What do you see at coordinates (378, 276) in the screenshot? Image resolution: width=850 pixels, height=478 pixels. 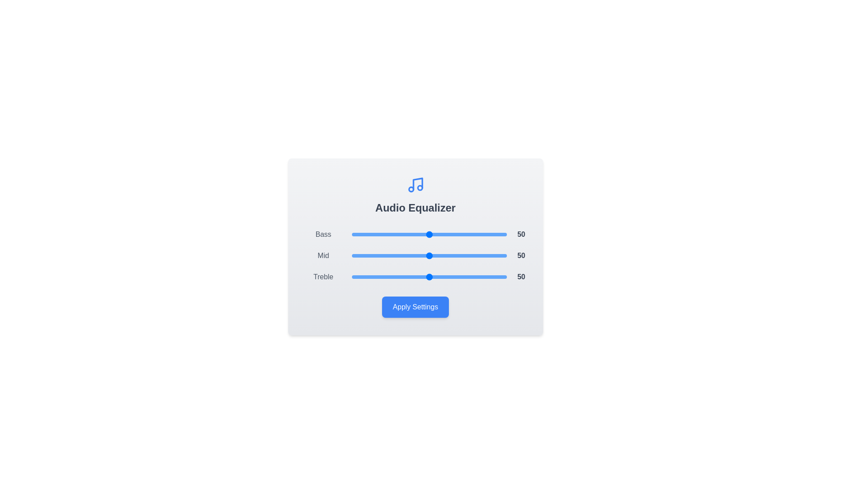 I see `the Treble slider to 17` at bounding box center [378, 276].